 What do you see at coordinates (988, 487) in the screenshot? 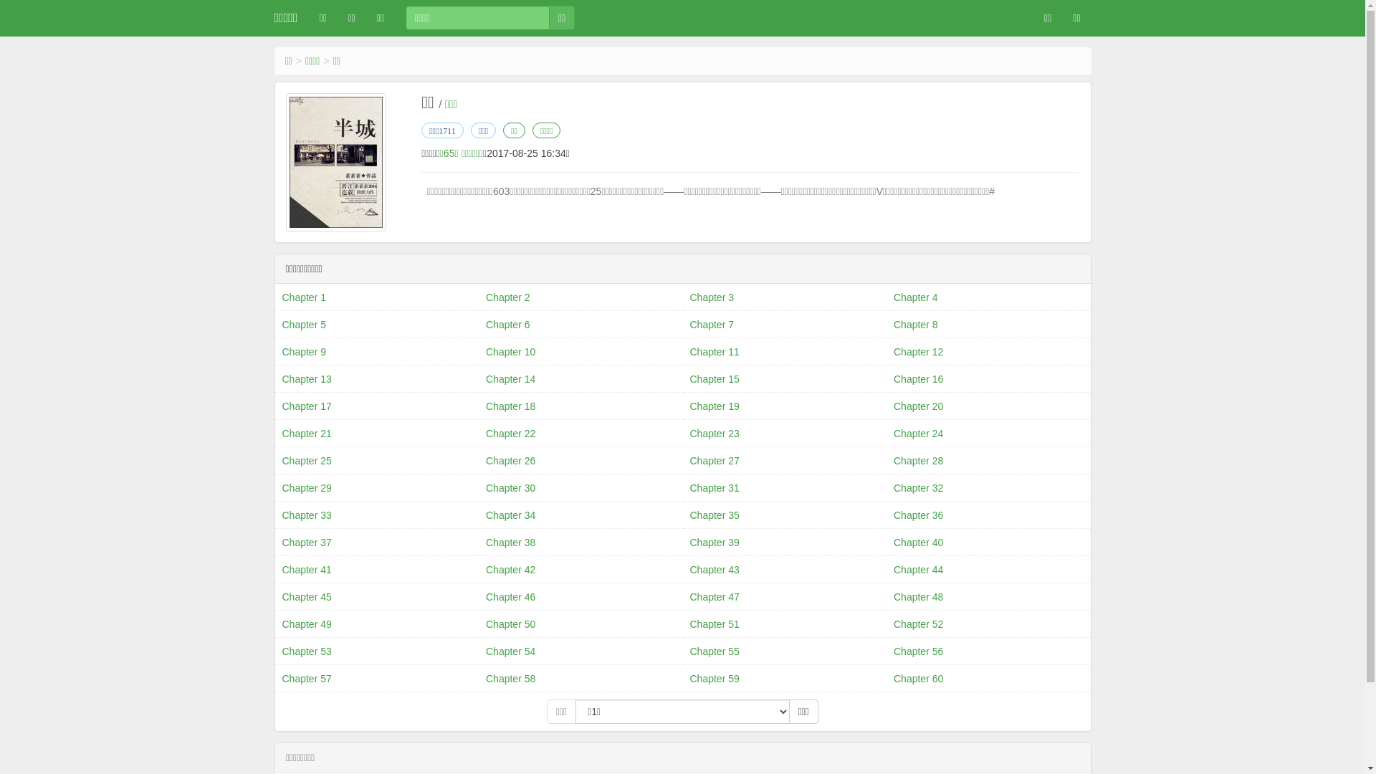
I see `'Chapter 32'` at bounding box center [988, 487].